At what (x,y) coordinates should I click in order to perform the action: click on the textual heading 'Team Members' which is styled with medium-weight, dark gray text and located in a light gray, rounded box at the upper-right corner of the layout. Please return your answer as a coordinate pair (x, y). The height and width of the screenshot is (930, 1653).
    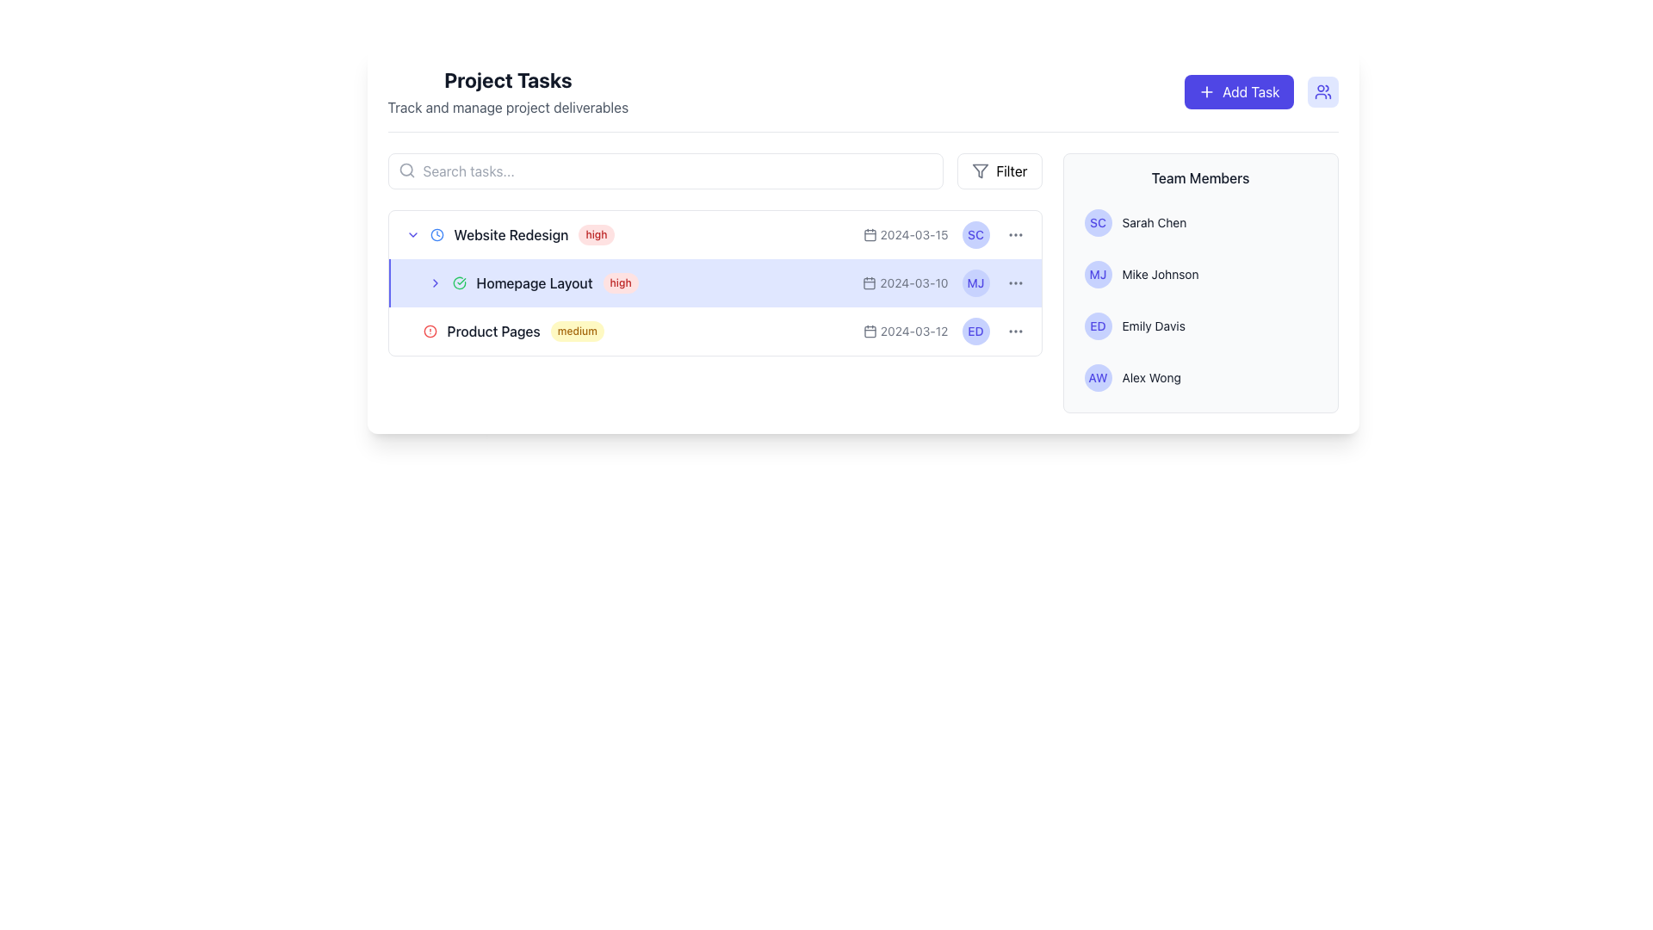
    Looking at the image, I should click on (1199, 178).